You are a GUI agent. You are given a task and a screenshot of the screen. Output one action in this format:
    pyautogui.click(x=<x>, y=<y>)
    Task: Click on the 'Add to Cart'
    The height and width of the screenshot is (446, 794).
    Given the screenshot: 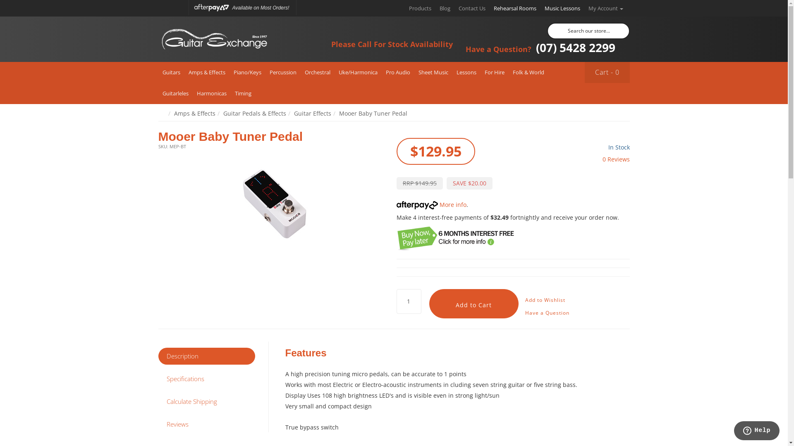 What is the action you would take?
    pyautogui.click(x=474, y=304)
    